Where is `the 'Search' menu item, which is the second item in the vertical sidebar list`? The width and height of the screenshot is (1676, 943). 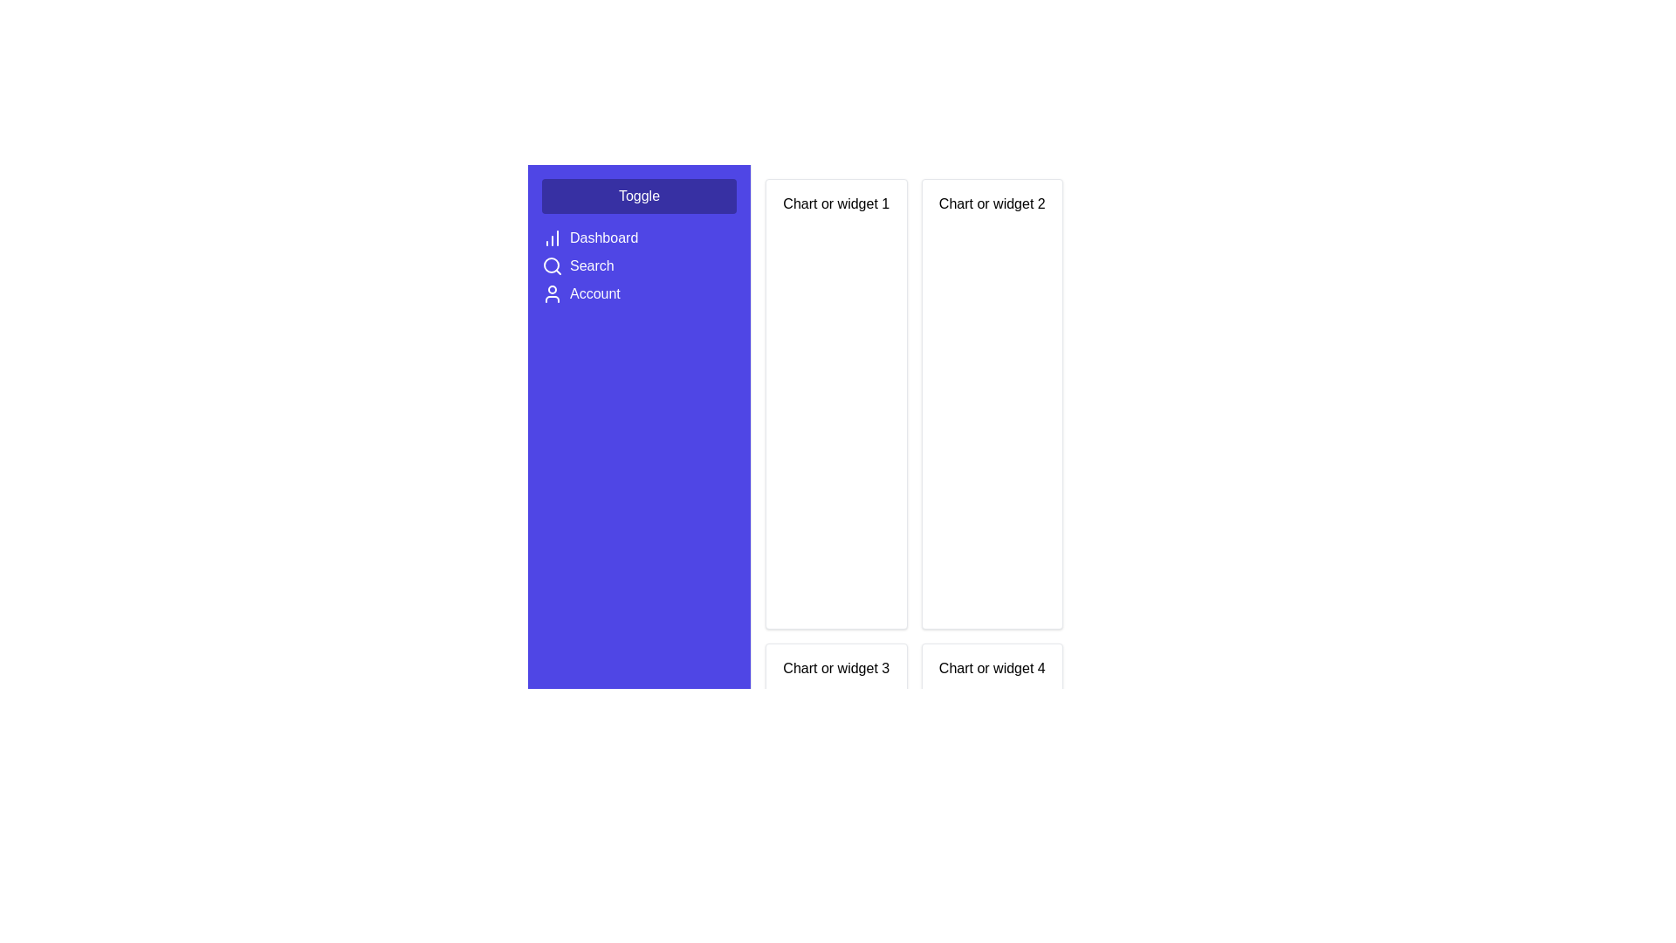 the 'Search' menu item, which is the second item in the vertical sidebar list is located at coordinates (638, 265).